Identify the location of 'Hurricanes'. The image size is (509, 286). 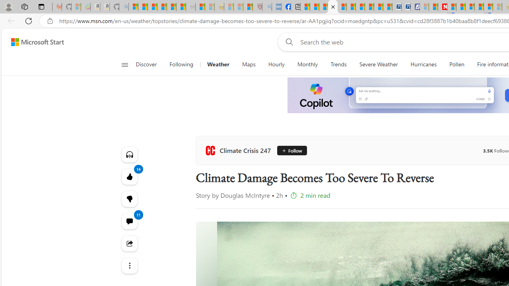
(423, 64).